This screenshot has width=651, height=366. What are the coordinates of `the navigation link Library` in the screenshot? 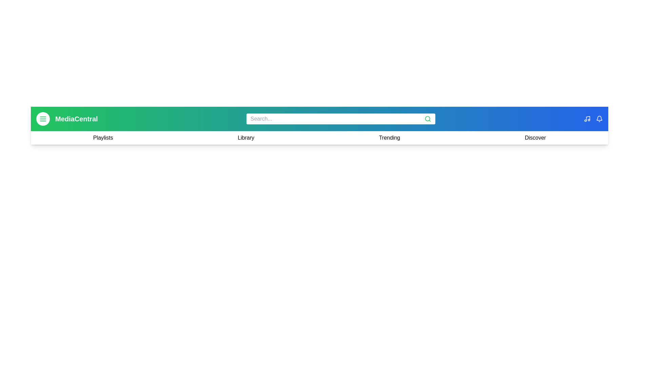 It's located at (245, 138).